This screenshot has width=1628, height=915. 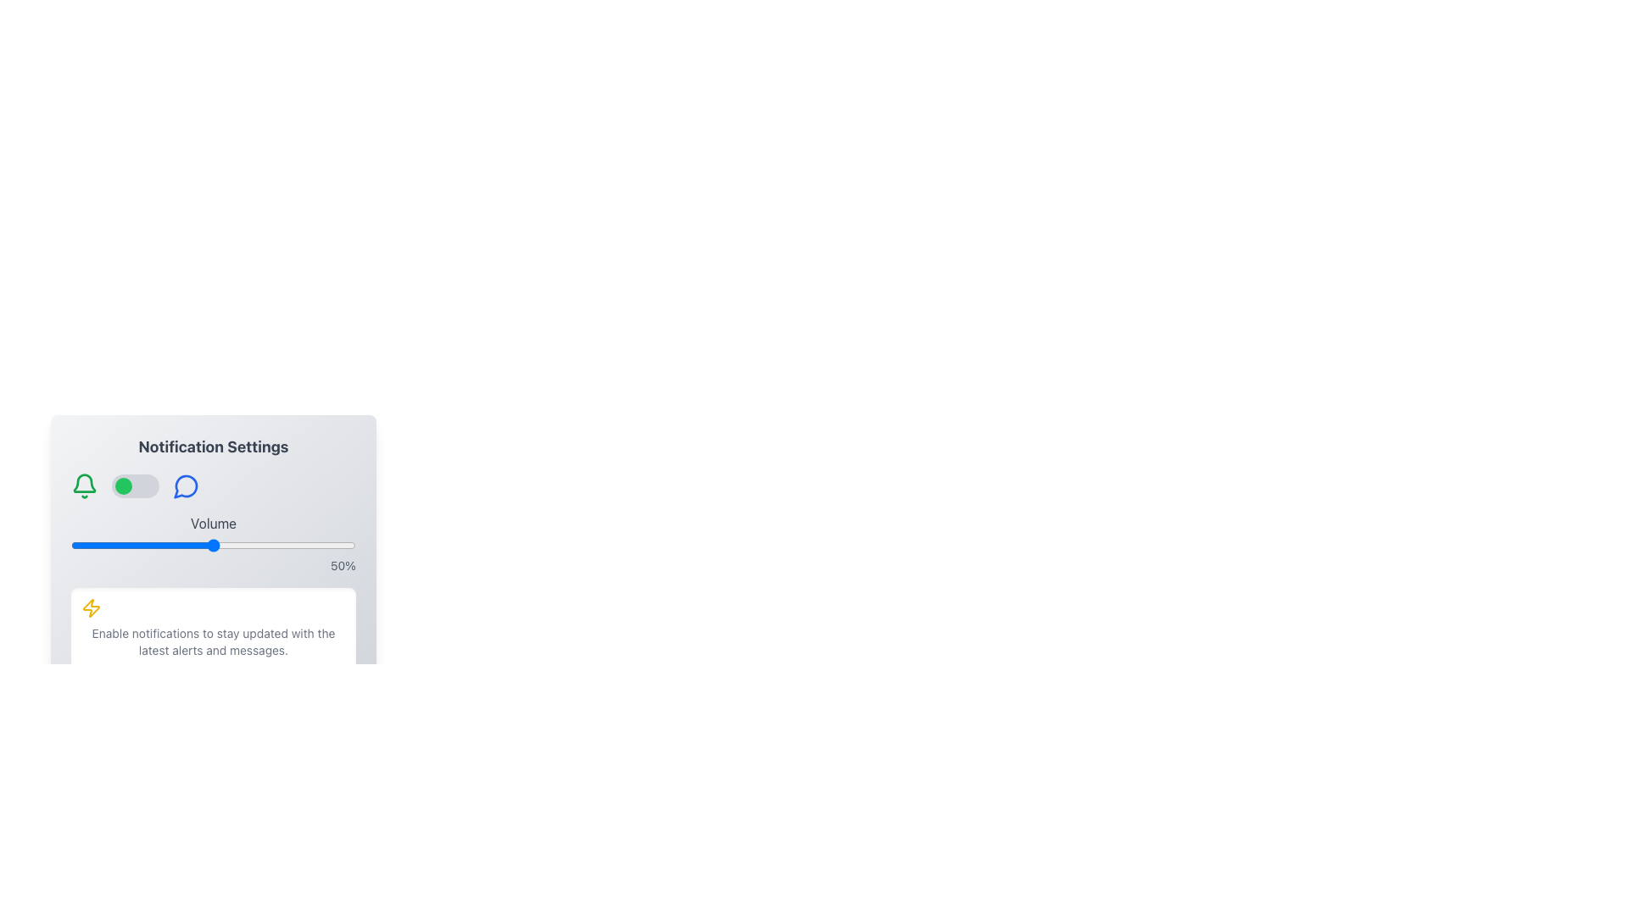 What do you see at coordinates (293, 546) in the screenshot?
I see `the volume` at bounding box center [293, 546].